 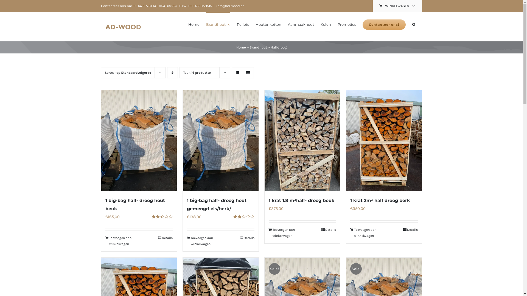 What do you see at coordinates (230, 6) in the screenshot?
I see `'info@ad-wood.be'` at bounding box center [230, 6].